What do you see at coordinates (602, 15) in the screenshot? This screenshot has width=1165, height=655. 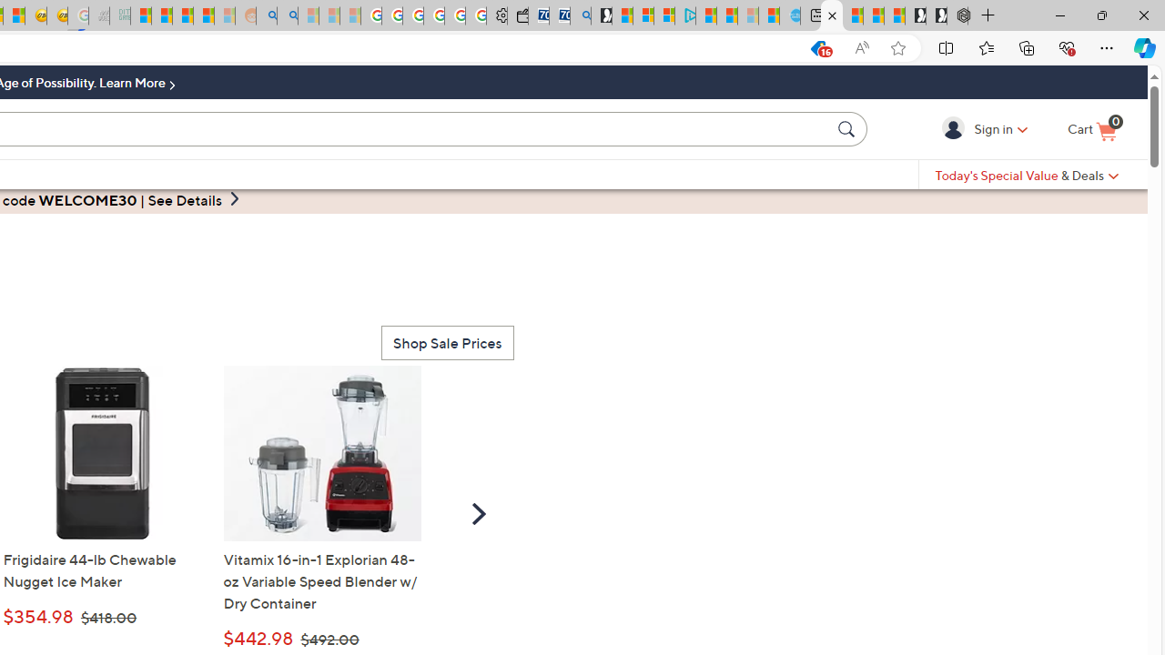 I see `'Microsoft Start Gaming'` at bounding box center [602, 15].